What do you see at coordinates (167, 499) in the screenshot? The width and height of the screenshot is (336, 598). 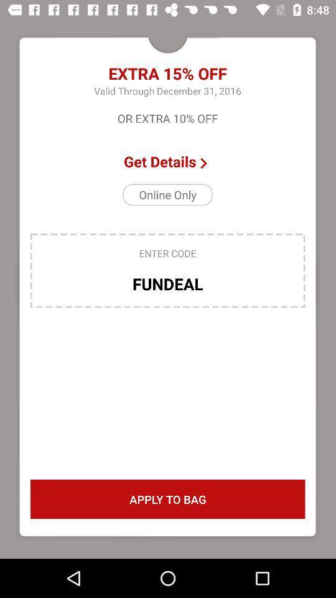 I see `the apply to bag` at bounding box center [167, 499].